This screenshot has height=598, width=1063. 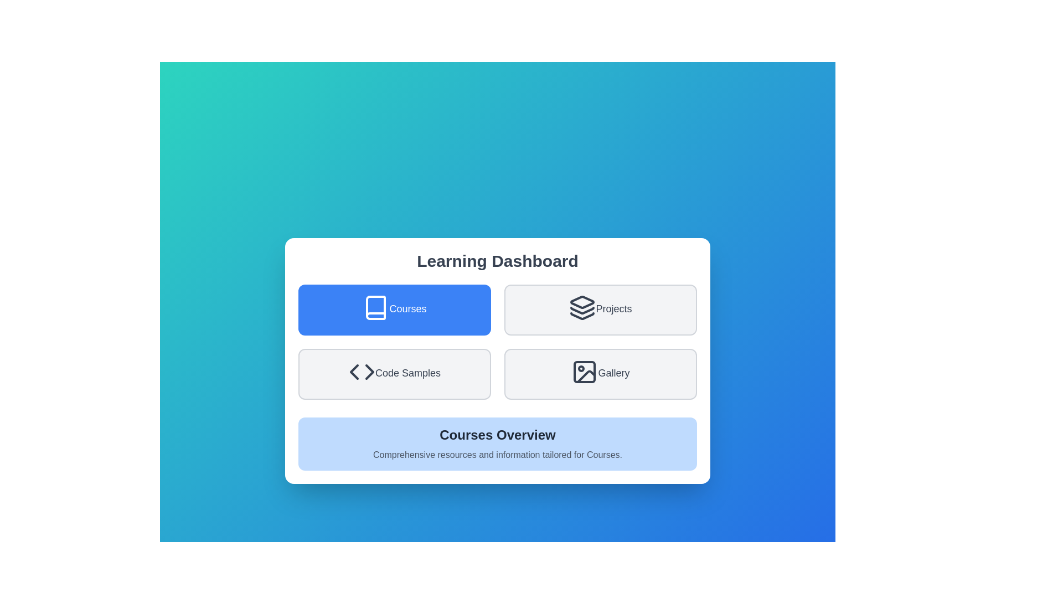 What do you see at coordinates (395, 310) in the screenshot?
I see `the Courses button to select it` at bounding box center [395, 310].